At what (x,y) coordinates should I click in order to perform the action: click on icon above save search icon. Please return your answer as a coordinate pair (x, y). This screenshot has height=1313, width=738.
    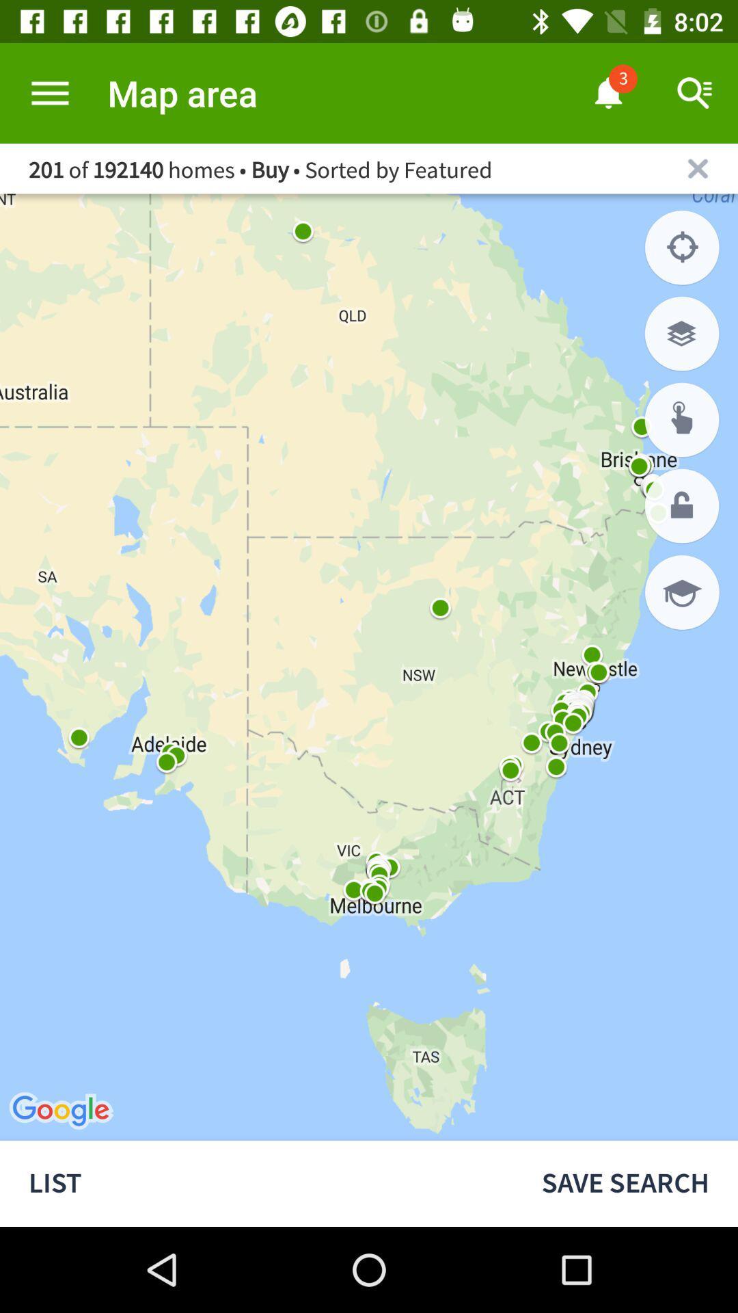
    Looking at the image, I should click on (682, 592).